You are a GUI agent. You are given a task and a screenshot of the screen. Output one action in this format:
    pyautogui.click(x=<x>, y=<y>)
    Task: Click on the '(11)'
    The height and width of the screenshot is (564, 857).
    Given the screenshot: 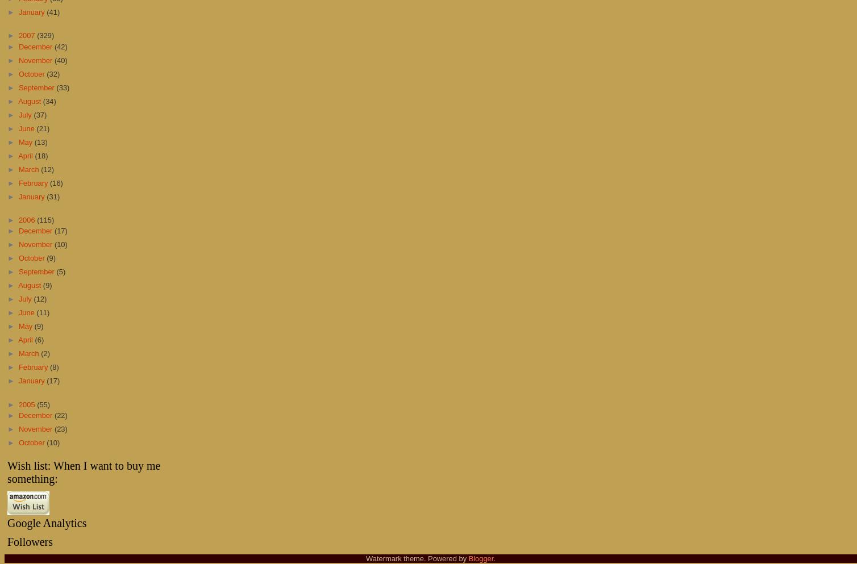 What is the action you would take?
    pyautogui.click(x=43, y=312)
    